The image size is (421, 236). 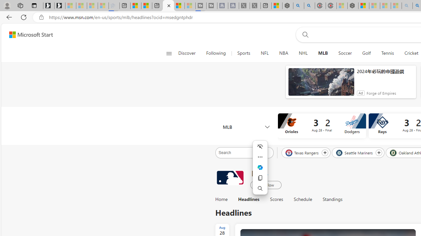 I want to click on 'More actions', so click(x=260, y=157).